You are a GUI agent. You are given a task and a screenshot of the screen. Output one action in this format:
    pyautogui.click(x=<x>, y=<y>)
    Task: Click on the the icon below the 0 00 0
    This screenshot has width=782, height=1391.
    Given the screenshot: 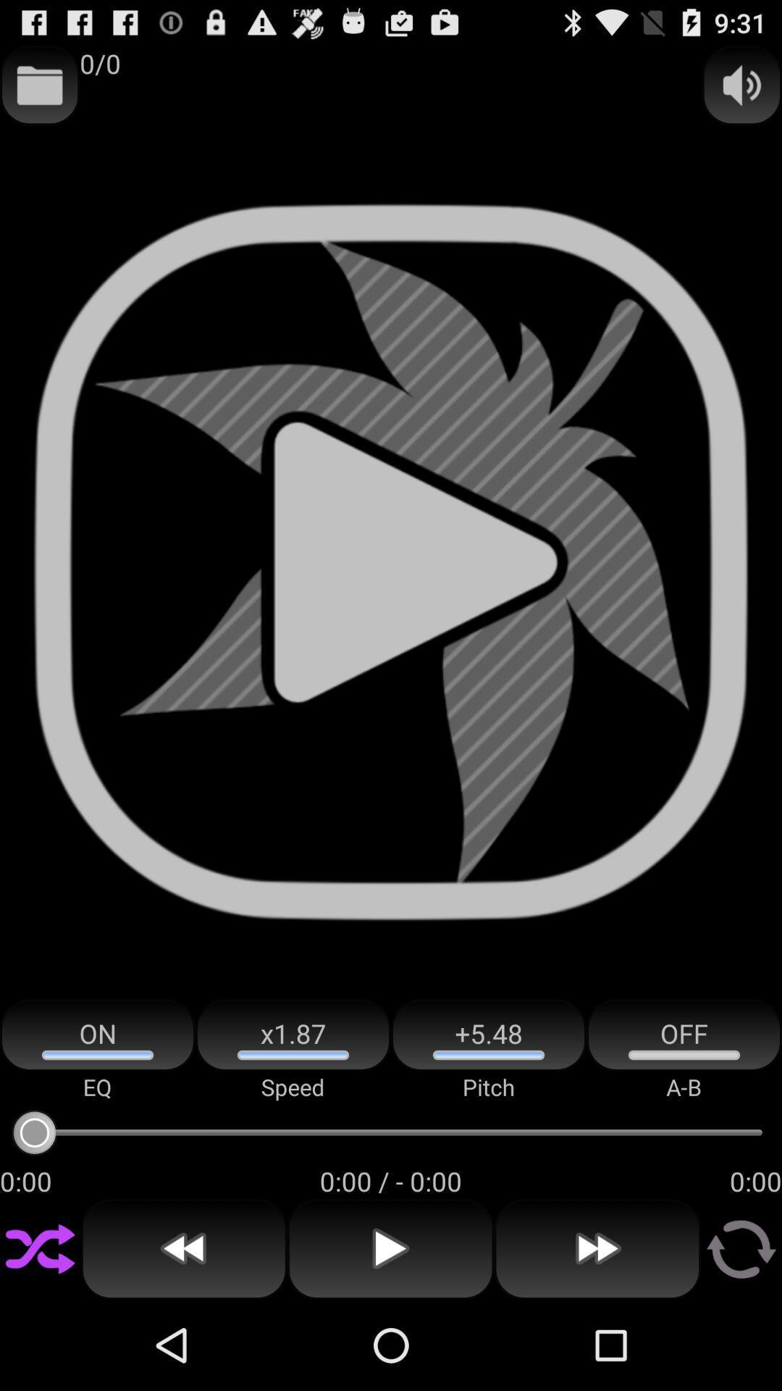 What is the action you would take?
    pyautogui.click(x=597, y=1248)
    